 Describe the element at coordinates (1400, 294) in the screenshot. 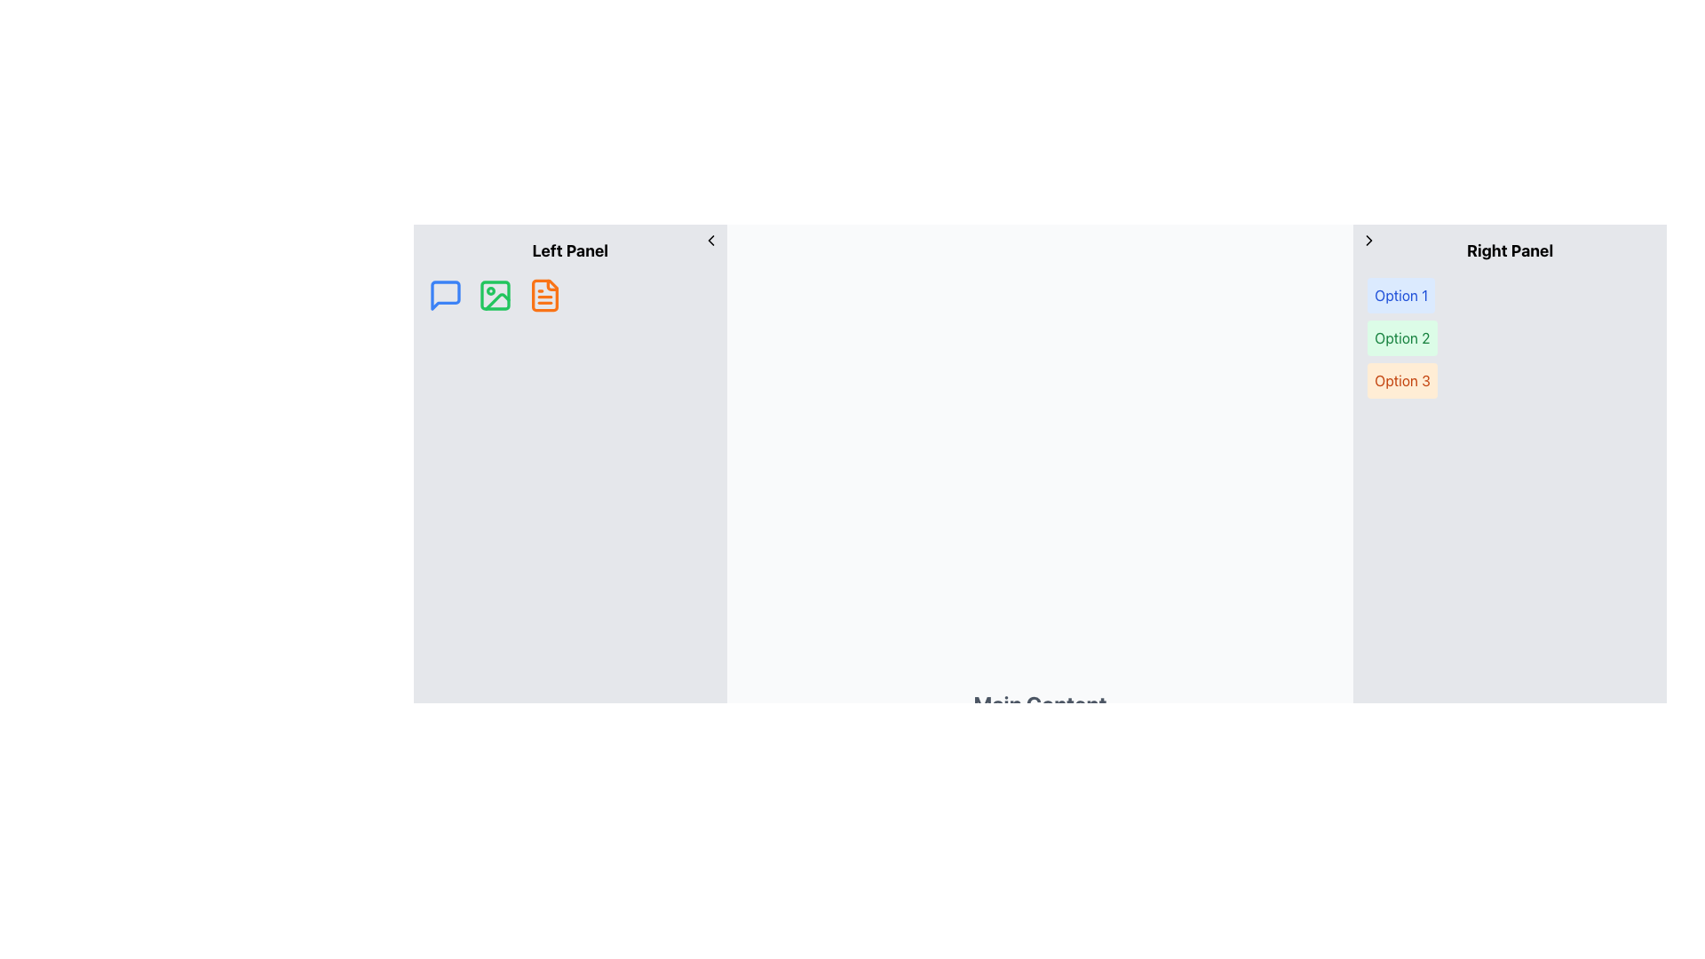

I see `the button labeled 'Option 1' which is styled with blue text on a light blue background, located` at that location.